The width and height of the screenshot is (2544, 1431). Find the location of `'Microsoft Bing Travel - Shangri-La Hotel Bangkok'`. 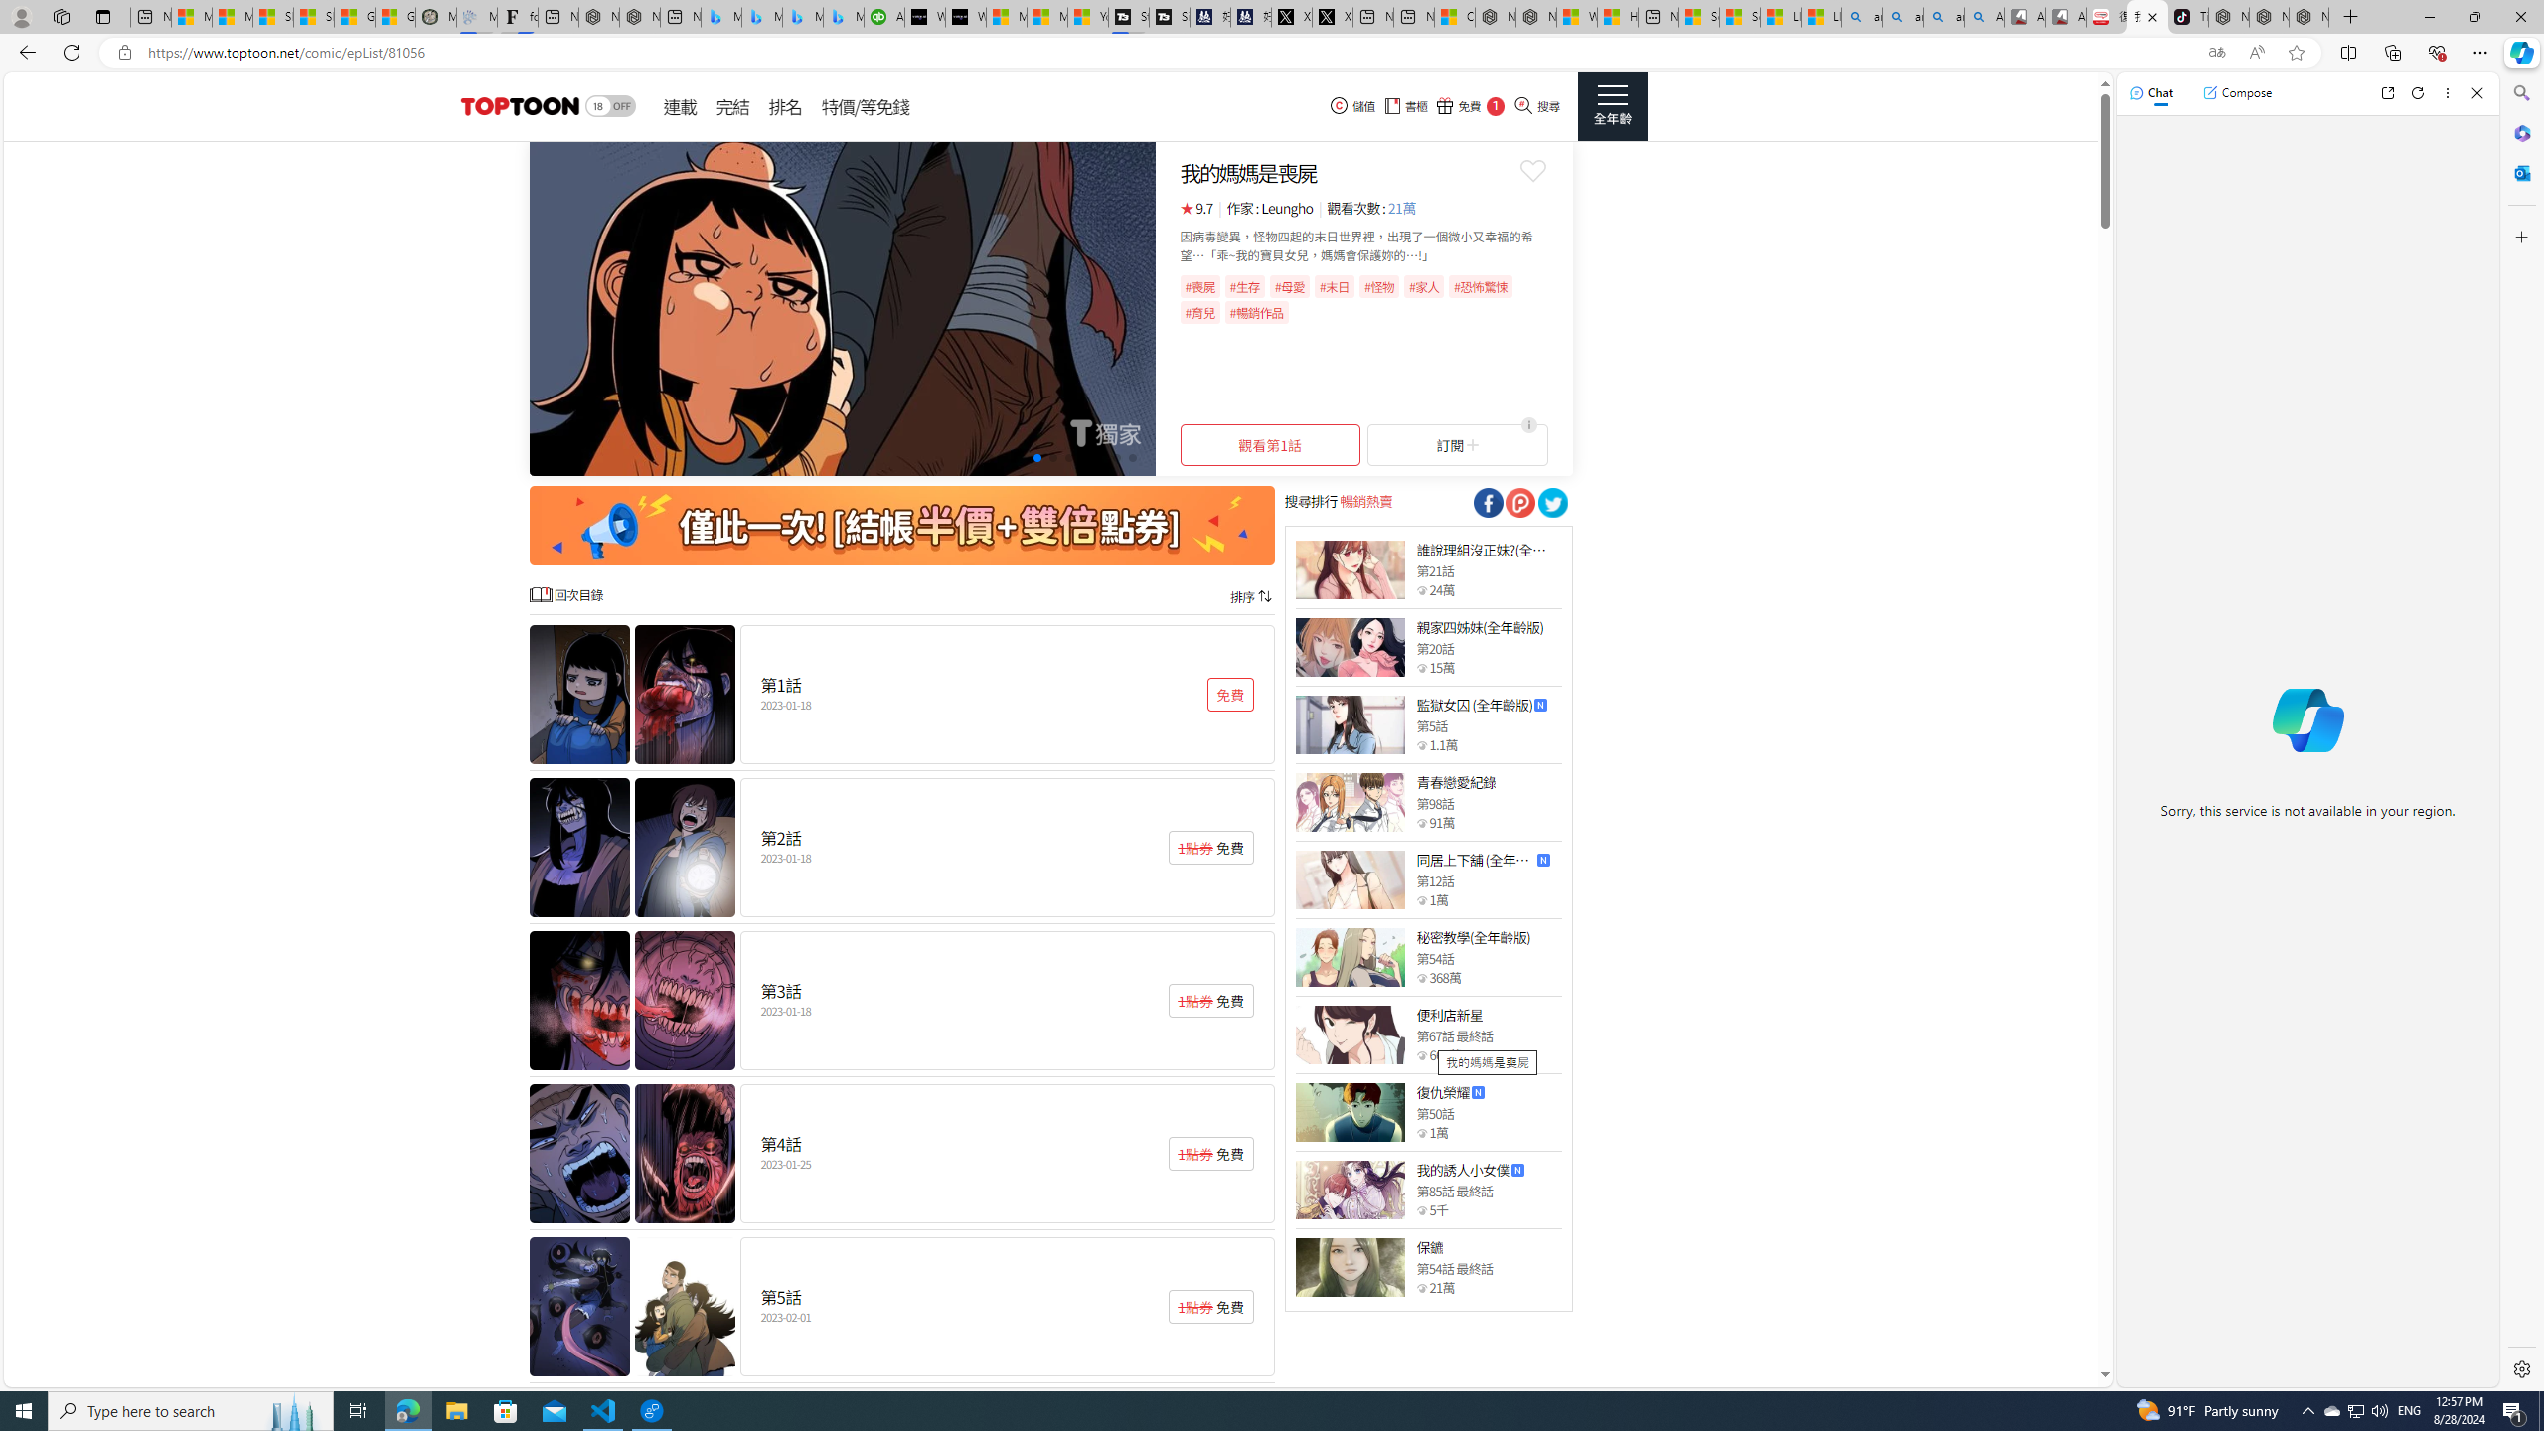

'Microsoft Bing Travel - Shangri-La Hotel Bangkok' is located at coordinates (842, 16).